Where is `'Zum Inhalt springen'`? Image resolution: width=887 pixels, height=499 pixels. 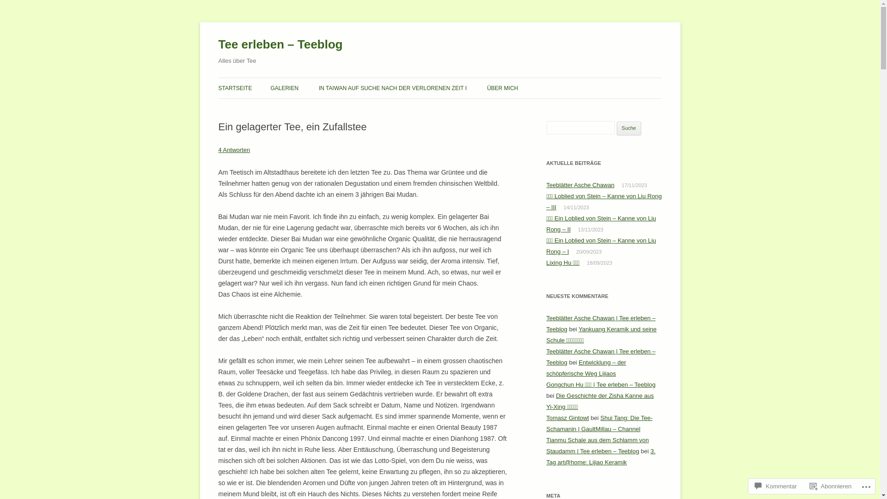
'Zum Inhalt springen' is located at coordinates (439, 77).